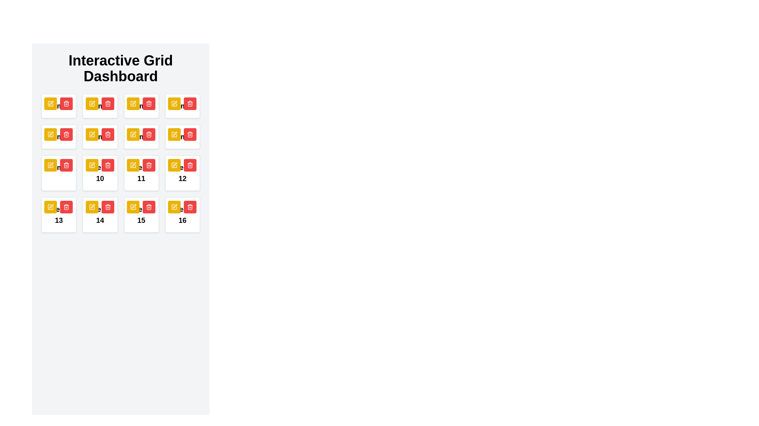 The height and width of the screenshot is (426, 759). I want to click on the square-shaped yellow button with rounded corners and a white outlined pen icon in the center, located in the fifteenth card of the grid dashboard, so click(133, 206).